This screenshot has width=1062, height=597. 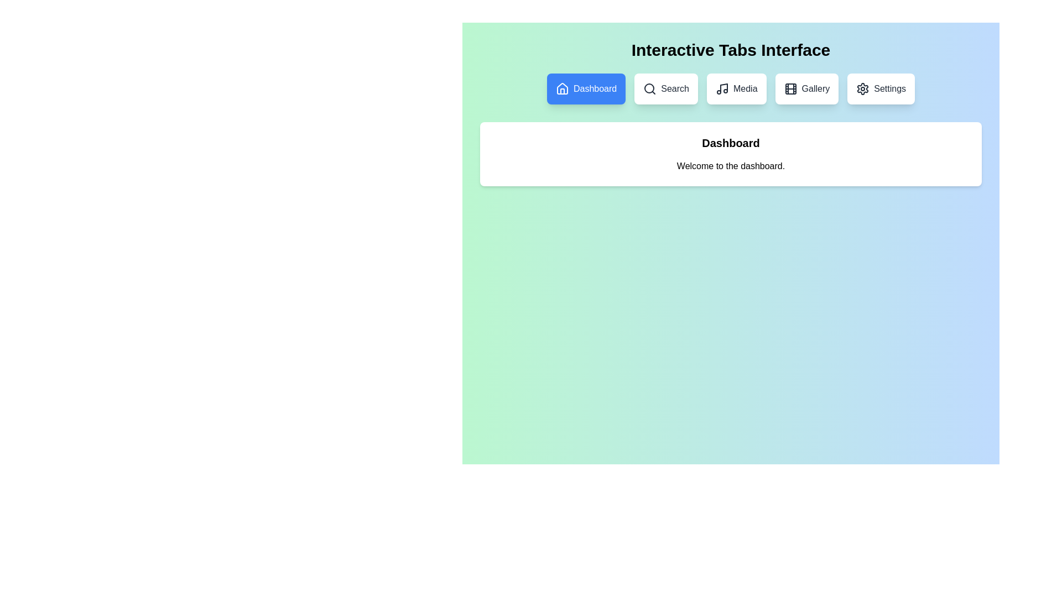 I want to click on the 'Search' button which contains the SVG circle representing the lens of the magnifying glass, so click(x=649, y=87).